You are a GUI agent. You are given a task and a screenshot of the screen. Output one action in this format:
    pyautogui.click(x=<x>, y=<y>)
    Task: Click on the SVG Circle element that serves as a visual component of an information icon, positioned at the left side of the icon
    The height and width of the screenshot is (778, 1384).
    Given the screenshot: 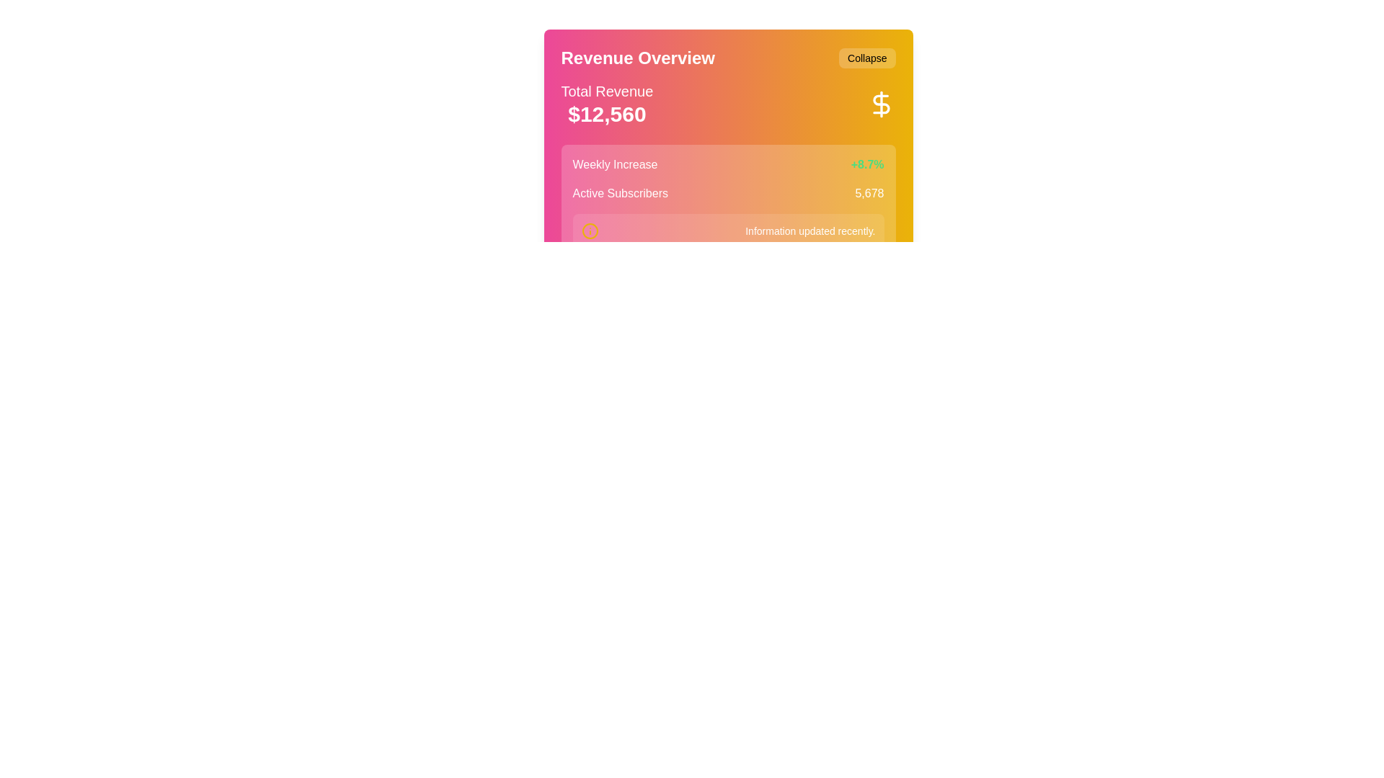 What is the action you would take?
    pyautogui.click(x=590, y=230)
    